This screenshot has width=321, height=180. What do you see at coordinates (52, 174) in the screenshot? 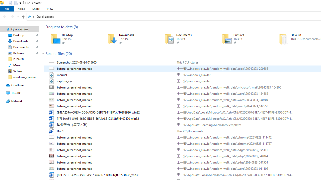
I see `'Class: UIImage'` at bounding box center [52, 174].